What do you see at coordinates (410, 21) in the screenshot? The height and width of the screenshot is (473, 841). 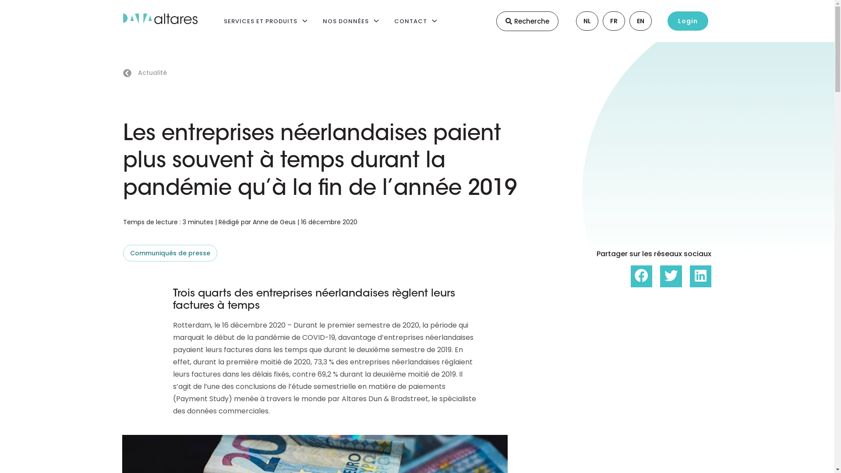 I see `'CONTACT'` at bounding box center [410, 21].